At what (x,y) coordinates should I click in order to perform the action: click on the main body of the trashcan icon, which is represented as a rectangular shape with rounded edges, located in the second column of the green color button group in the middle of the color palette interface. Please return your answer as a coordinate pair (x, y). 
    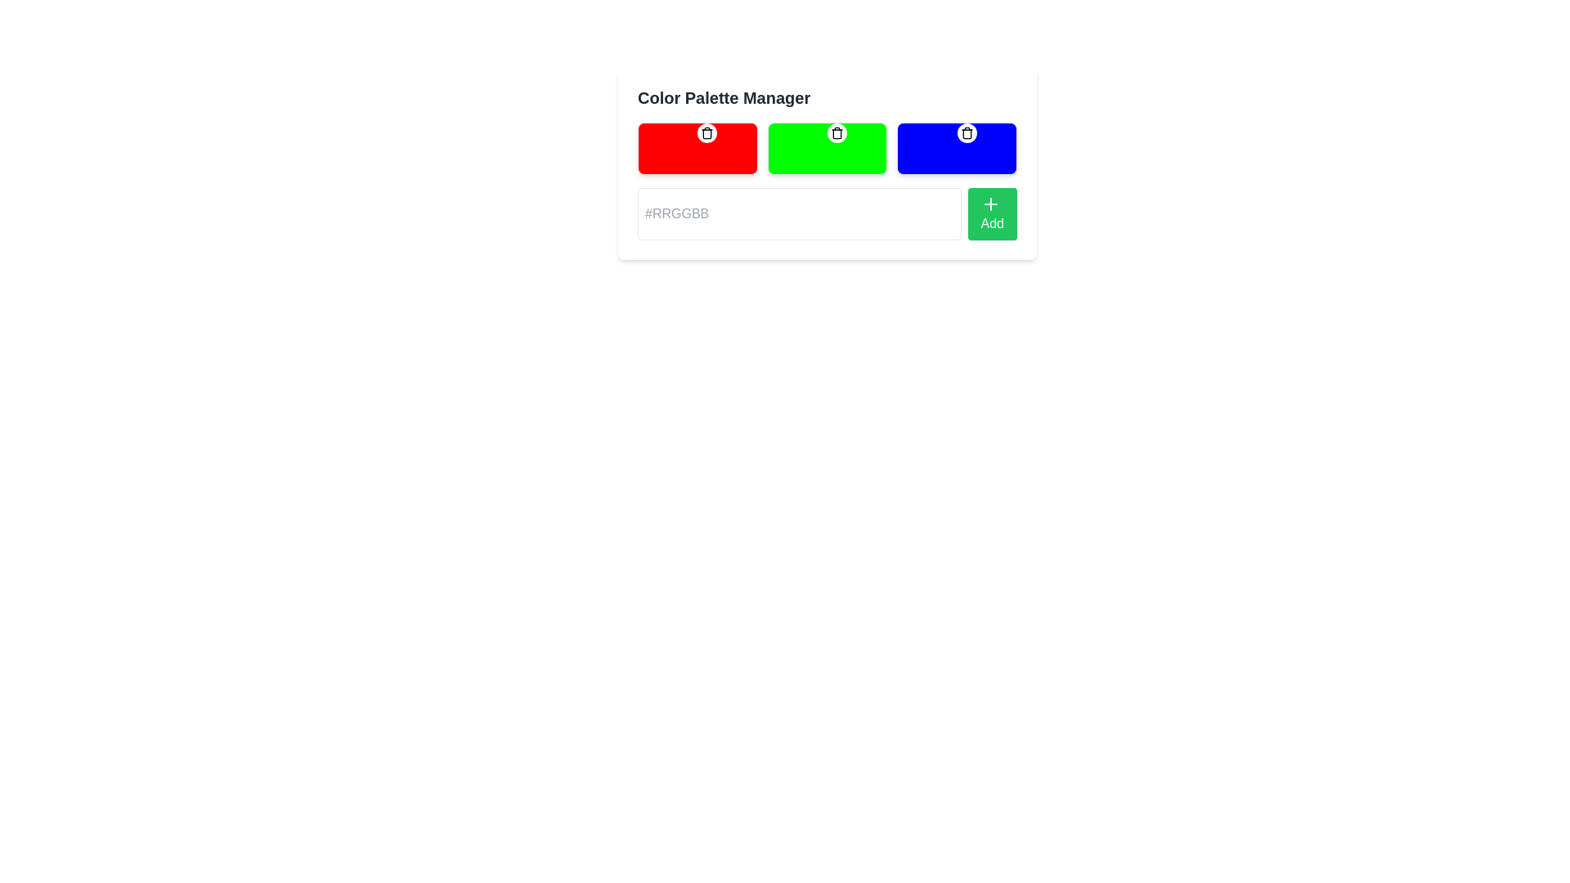
    Looking at the image, I should click on (837, 133).